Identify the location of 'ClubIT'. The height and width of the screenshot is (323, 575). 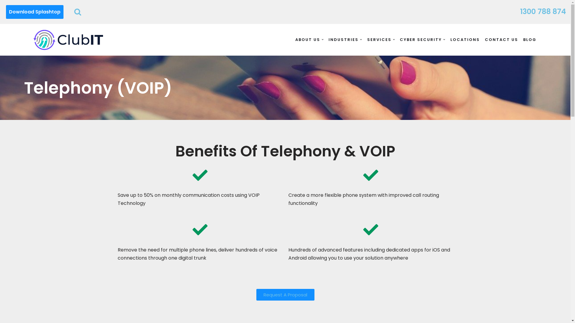
(68, 39).